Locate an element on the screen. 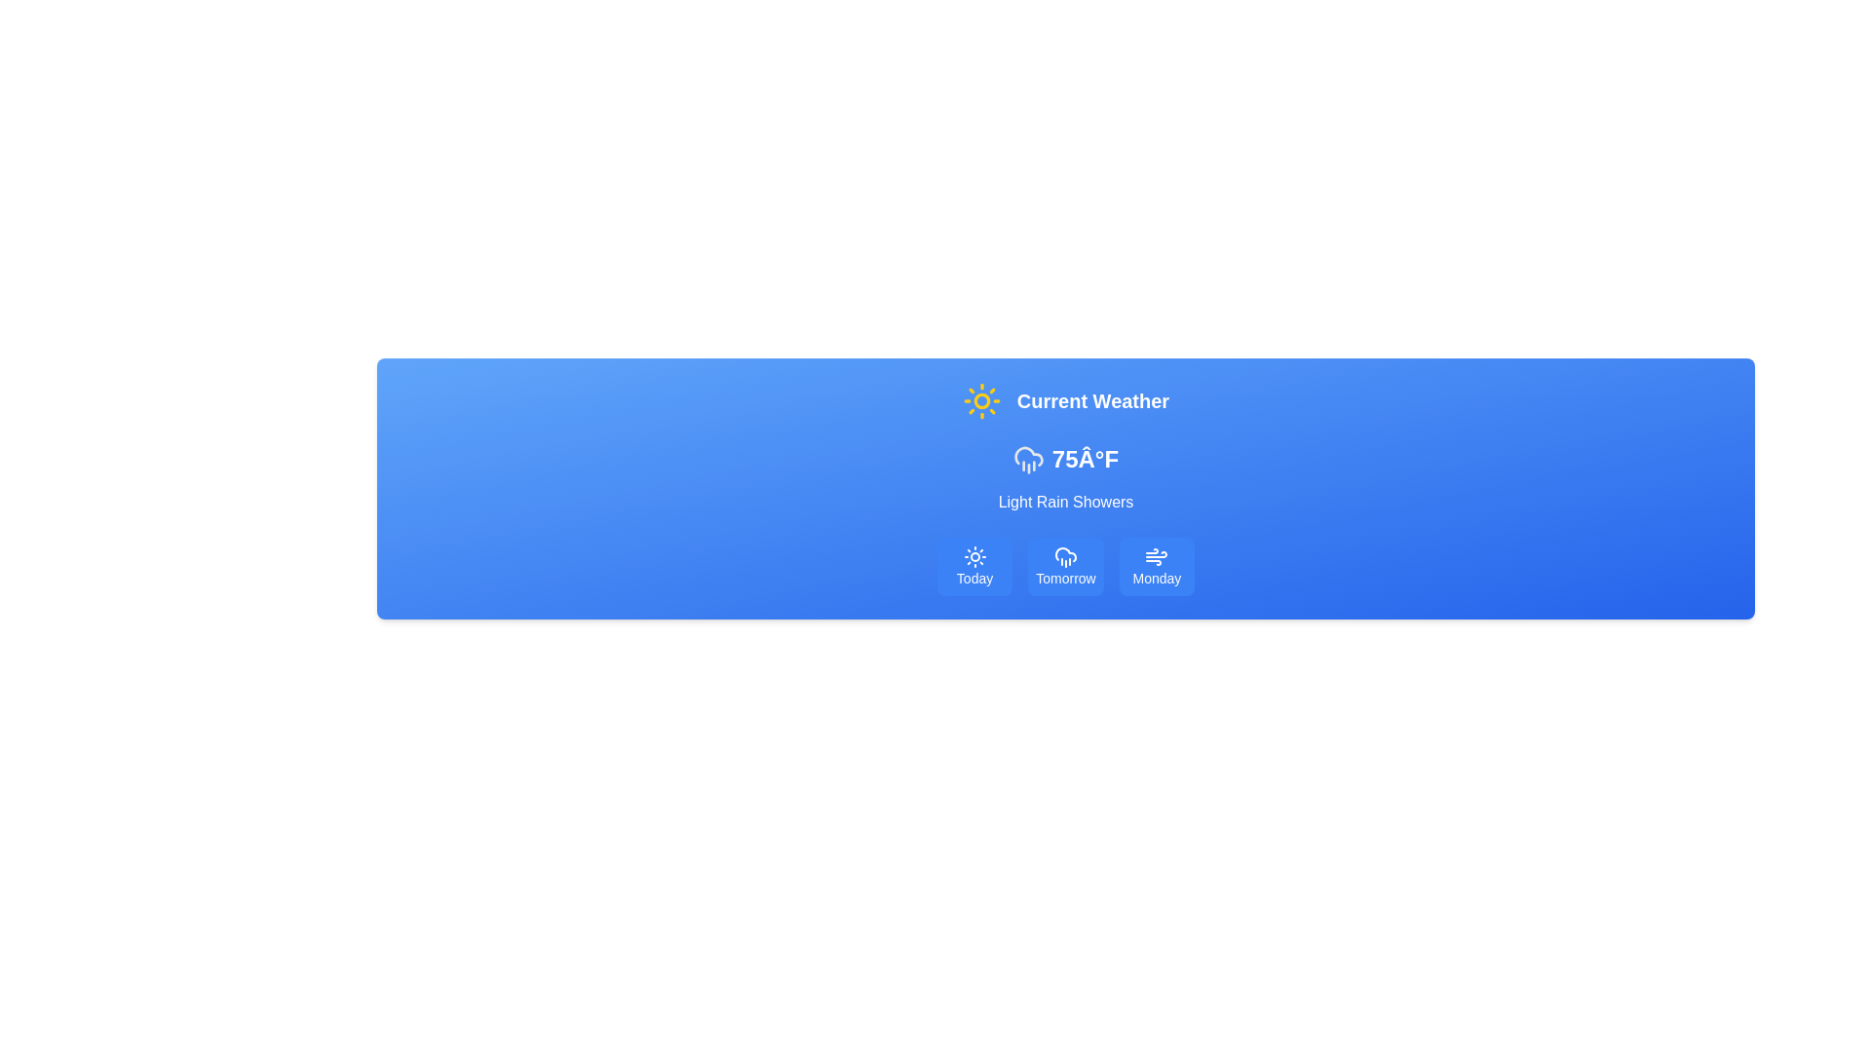  the 'Today' static text label within the button component is located at coordinates (974, 578).